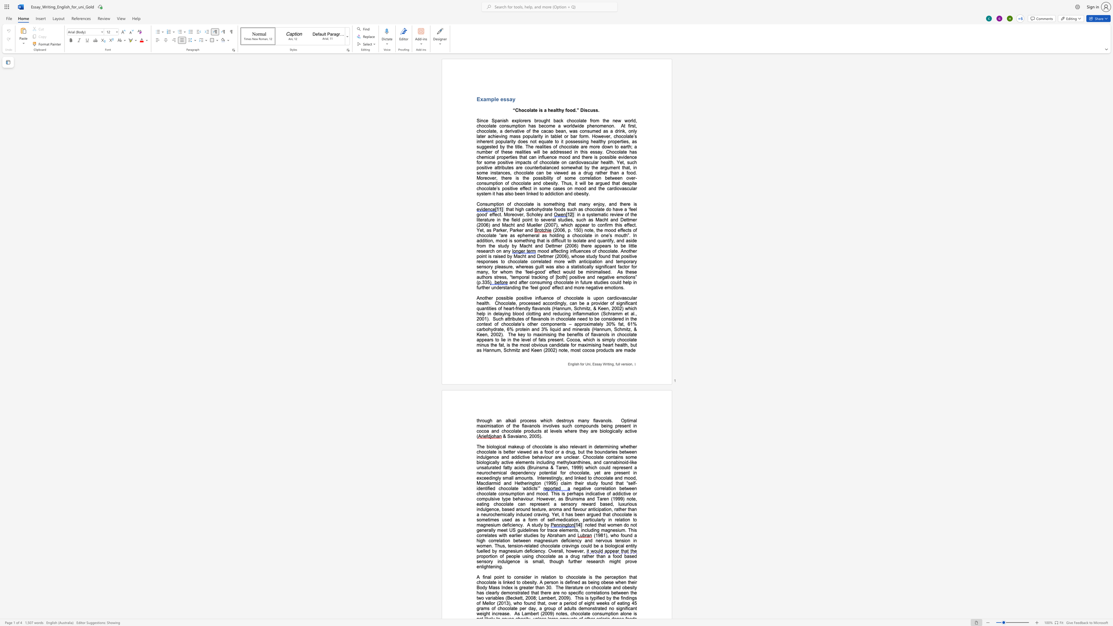  Describe the element at coordinates (546, 251) in the screenshot. I see `the space between the continuous character "o" and "d" in the text` at that location.